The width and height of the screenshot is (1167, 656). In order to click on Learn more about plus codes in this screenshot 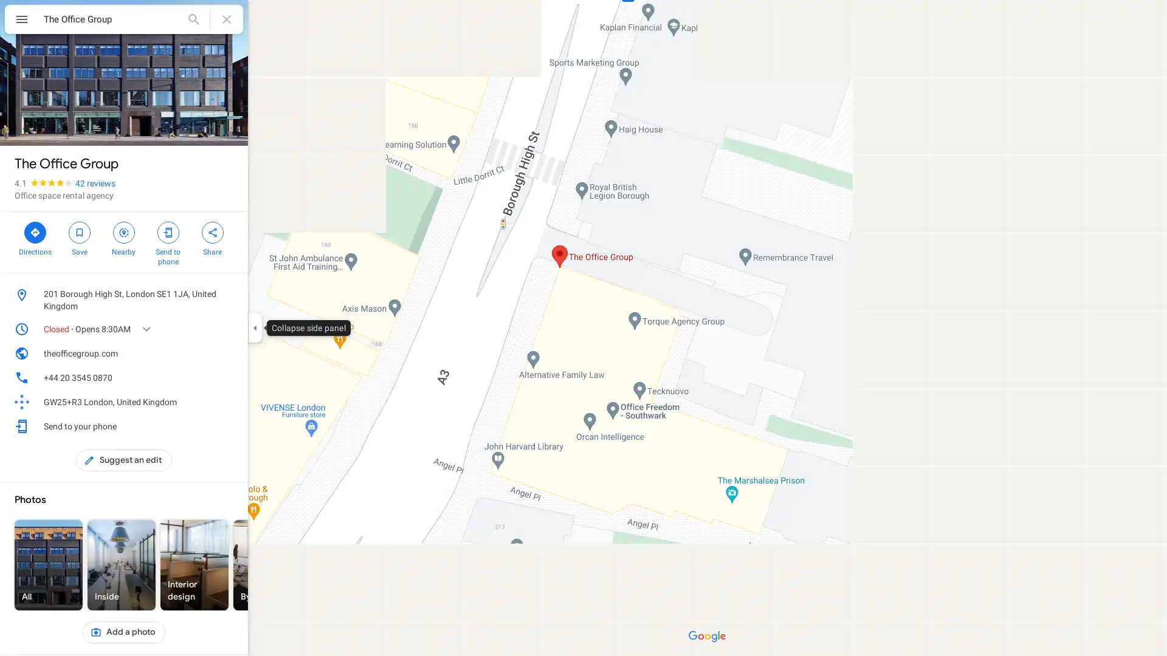, I will do `click(227, 402)`.